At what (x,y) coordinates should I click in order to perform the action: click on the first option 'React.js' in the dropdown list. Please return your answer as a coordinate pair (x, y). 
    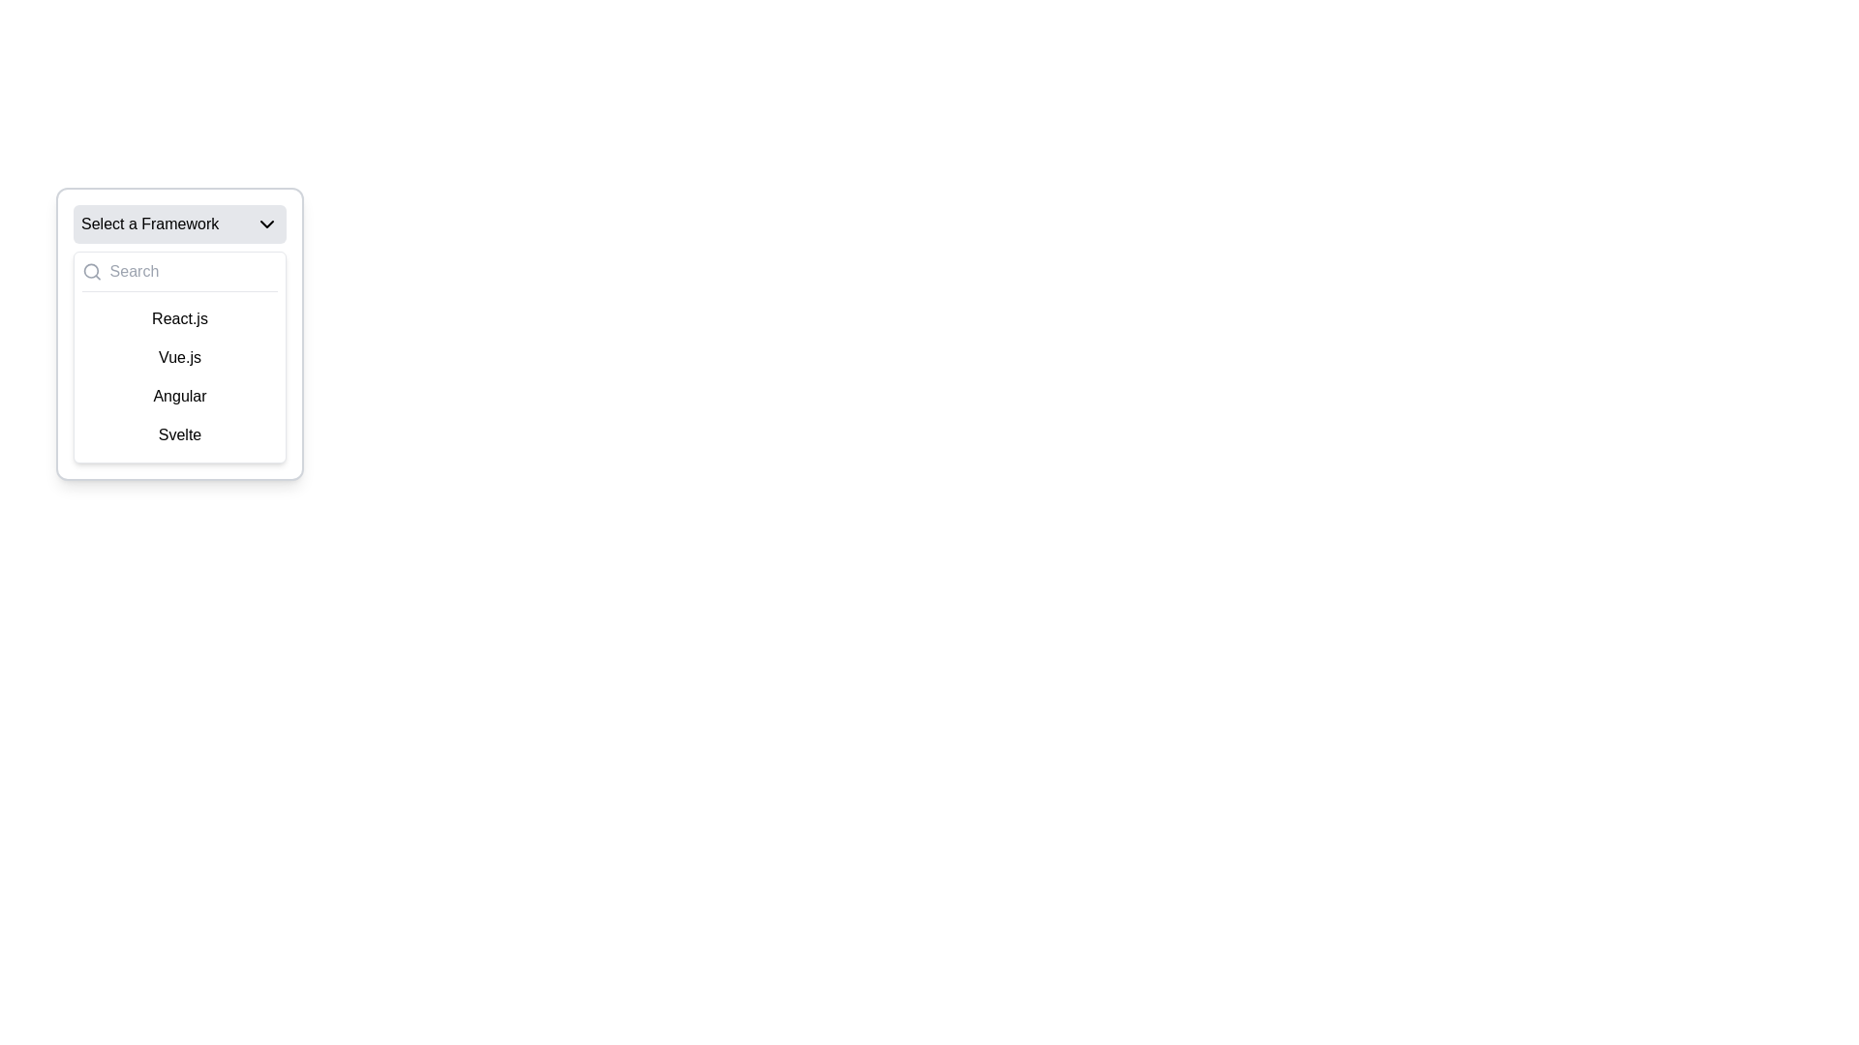
    Looking at the image, I should click on (180, 333).